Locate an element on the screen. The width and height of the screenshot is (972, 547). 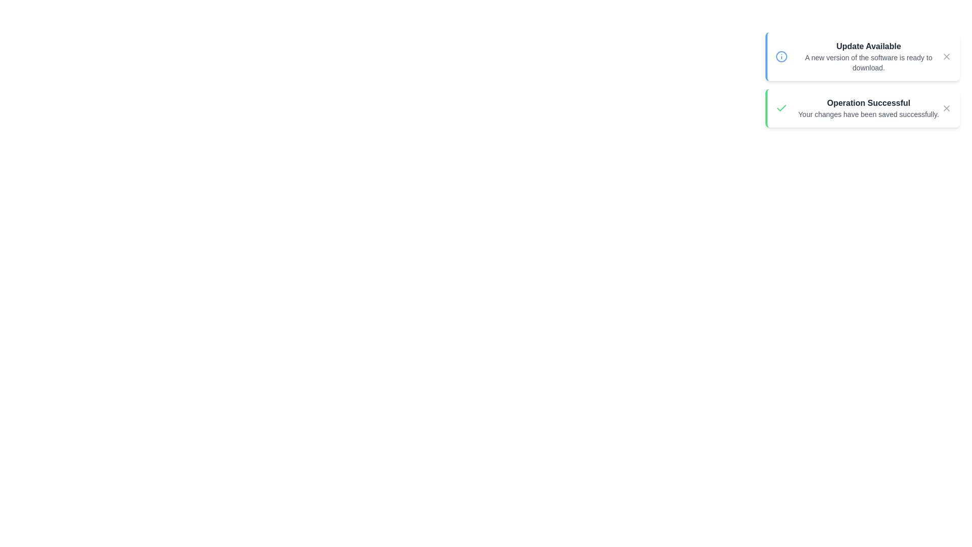
the Text Label displaying the message 'Your changes have been saved successfully.' located in the notification card in the top-right section of the interface is located at coordinates (868, 114).